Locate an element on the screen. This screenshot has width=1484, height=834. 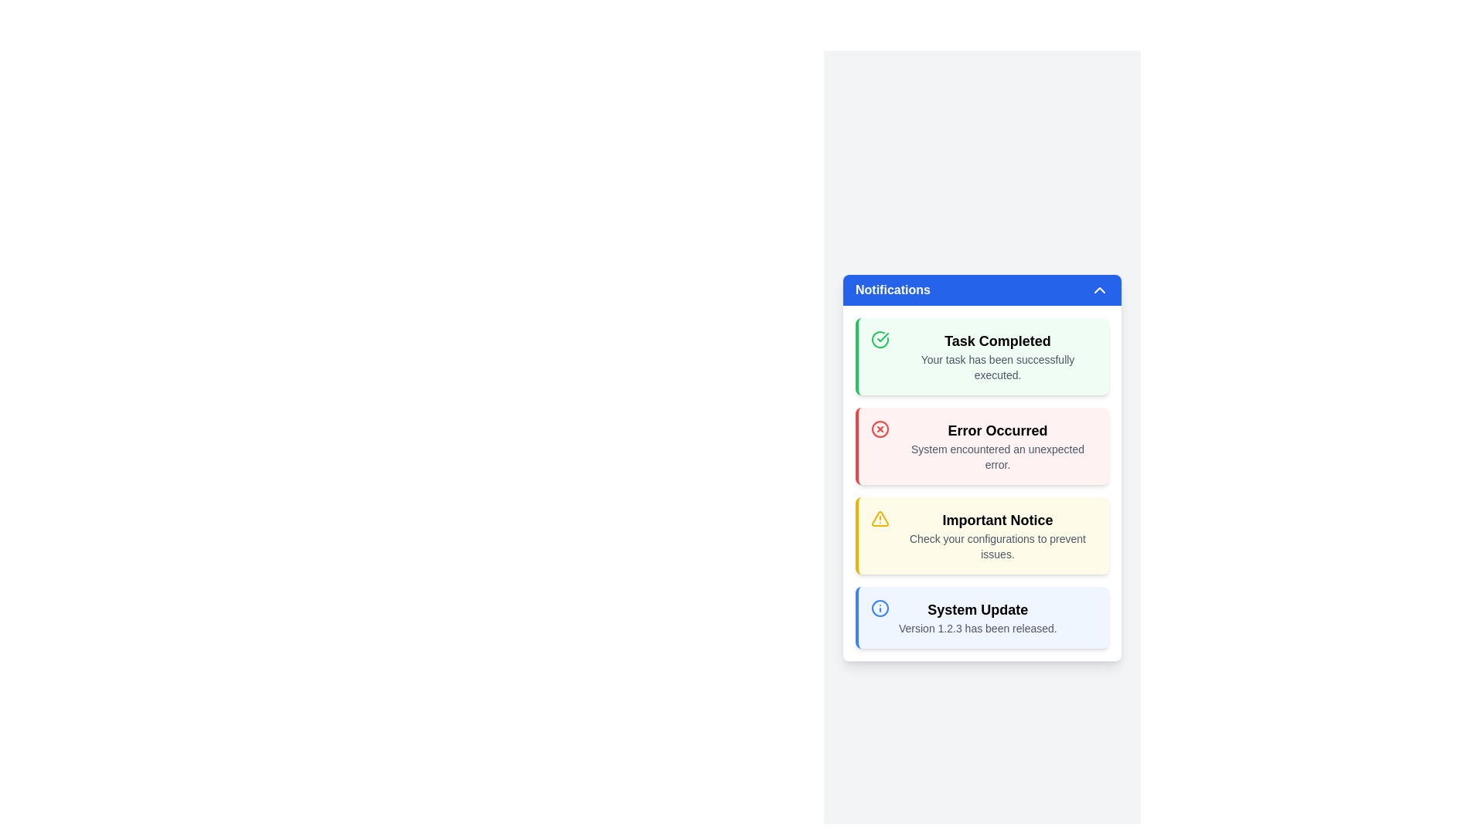
the text label displaying the message 'System encountered an unexpected error.' which is positioned below the title 'Error Occurred' in the notification box is located at coordinates (998, 456).